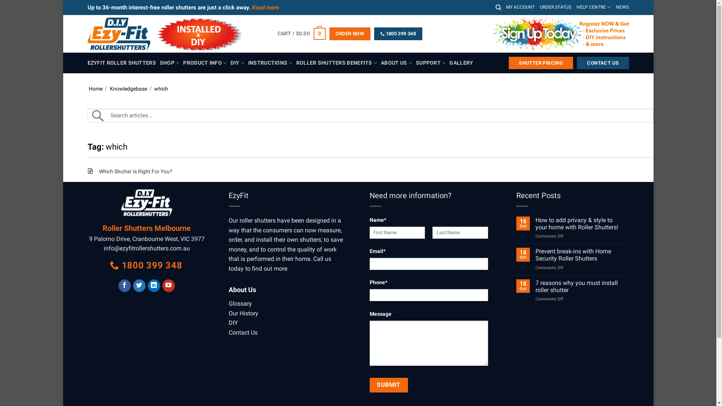 This screenshot has width=722, height=406. I want to click on 'INSTRUCTIONS', so click(270, 62).